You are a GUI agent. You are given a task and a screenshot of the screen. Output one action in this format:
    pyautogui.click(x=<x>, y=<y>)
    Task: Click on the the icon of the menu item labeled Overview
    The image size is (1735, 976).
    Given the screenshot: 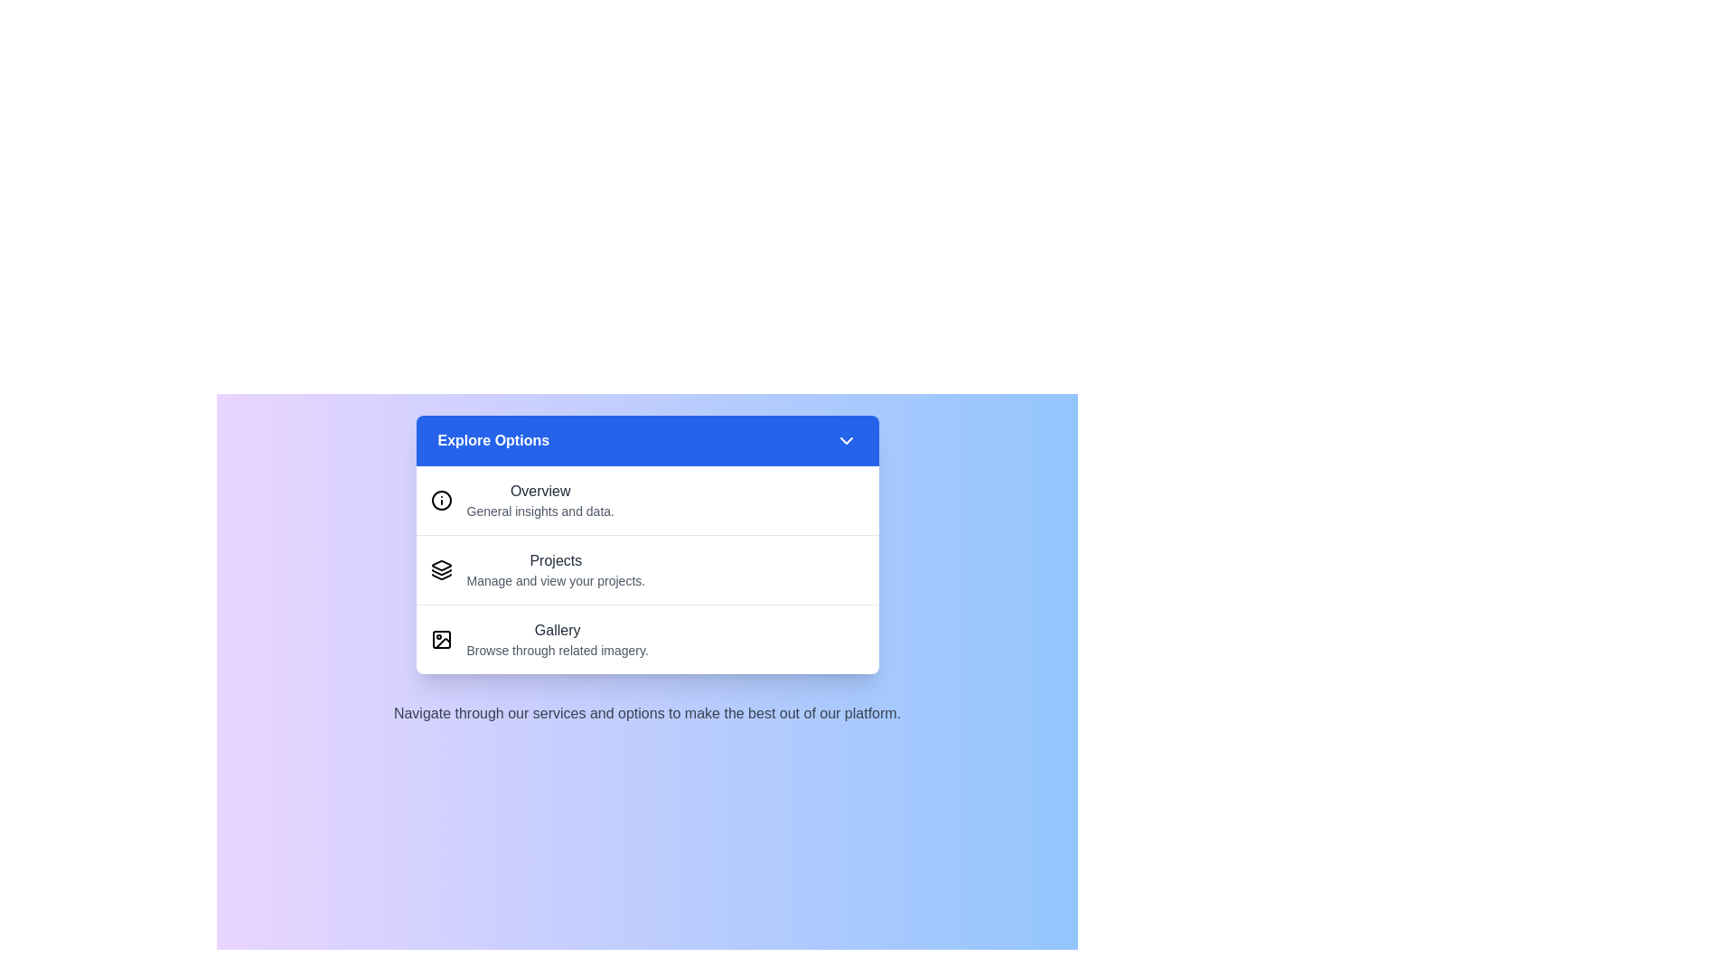 What is the action you would take?
    pyautogui.click(x=441, y=501)
    